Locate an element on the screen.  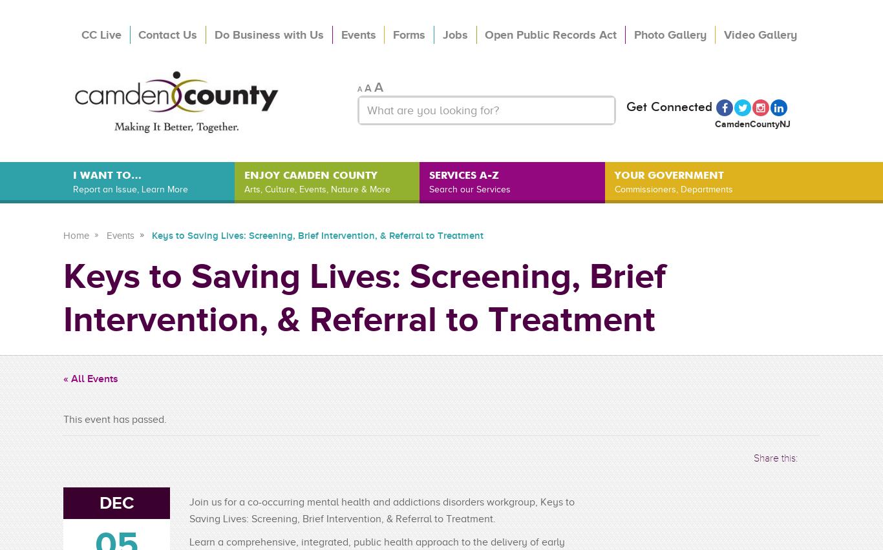
'Photo Gallery' is located at coordinates (668, 34).